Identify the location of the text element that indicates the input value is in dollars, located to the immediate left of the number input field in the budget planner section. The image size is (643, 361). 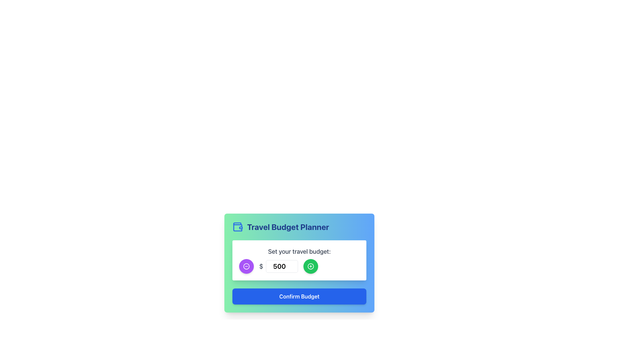
(261, 266).